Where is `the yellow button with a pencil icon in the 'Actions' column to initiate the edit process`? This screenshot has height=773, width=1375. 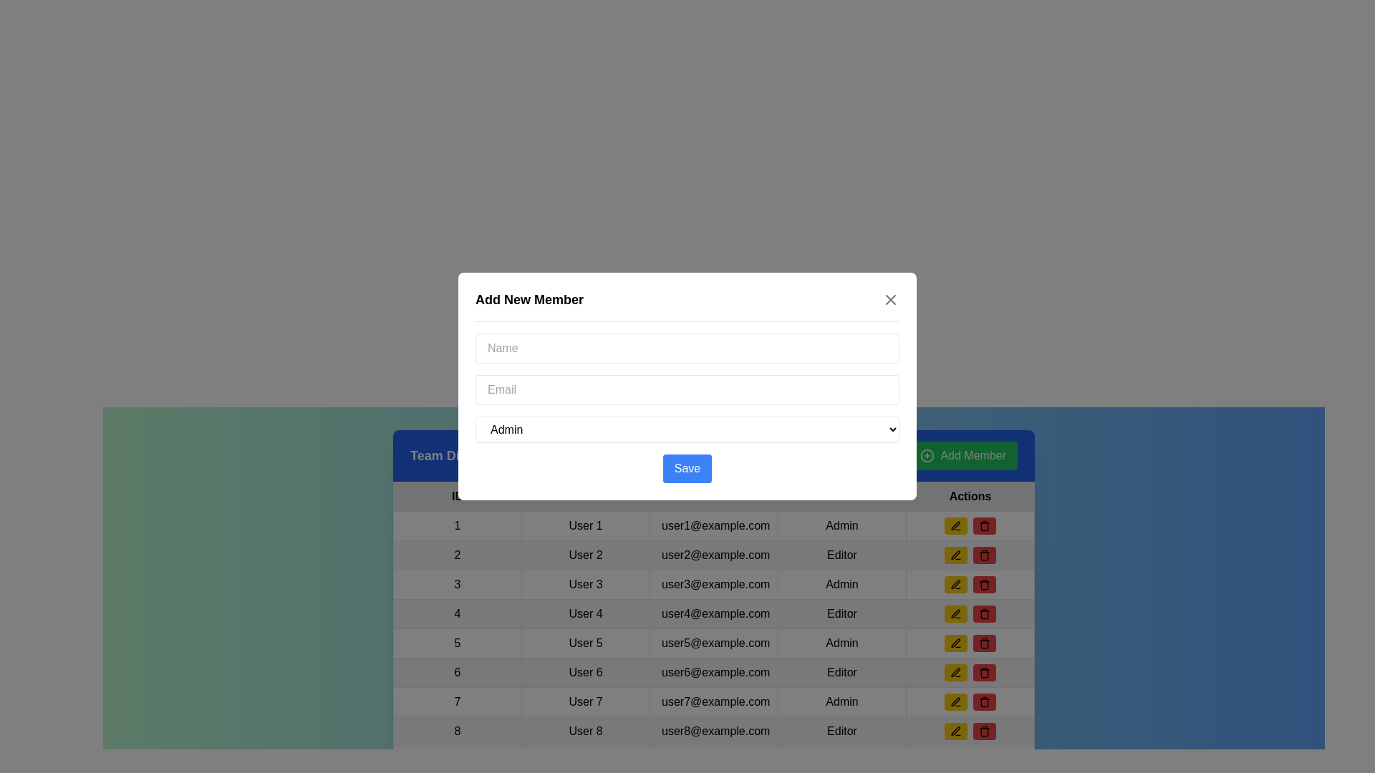
the yellow button with a pencil icon in the 'Actions' column to initiate the edit process is located at coordinates (955, 731).